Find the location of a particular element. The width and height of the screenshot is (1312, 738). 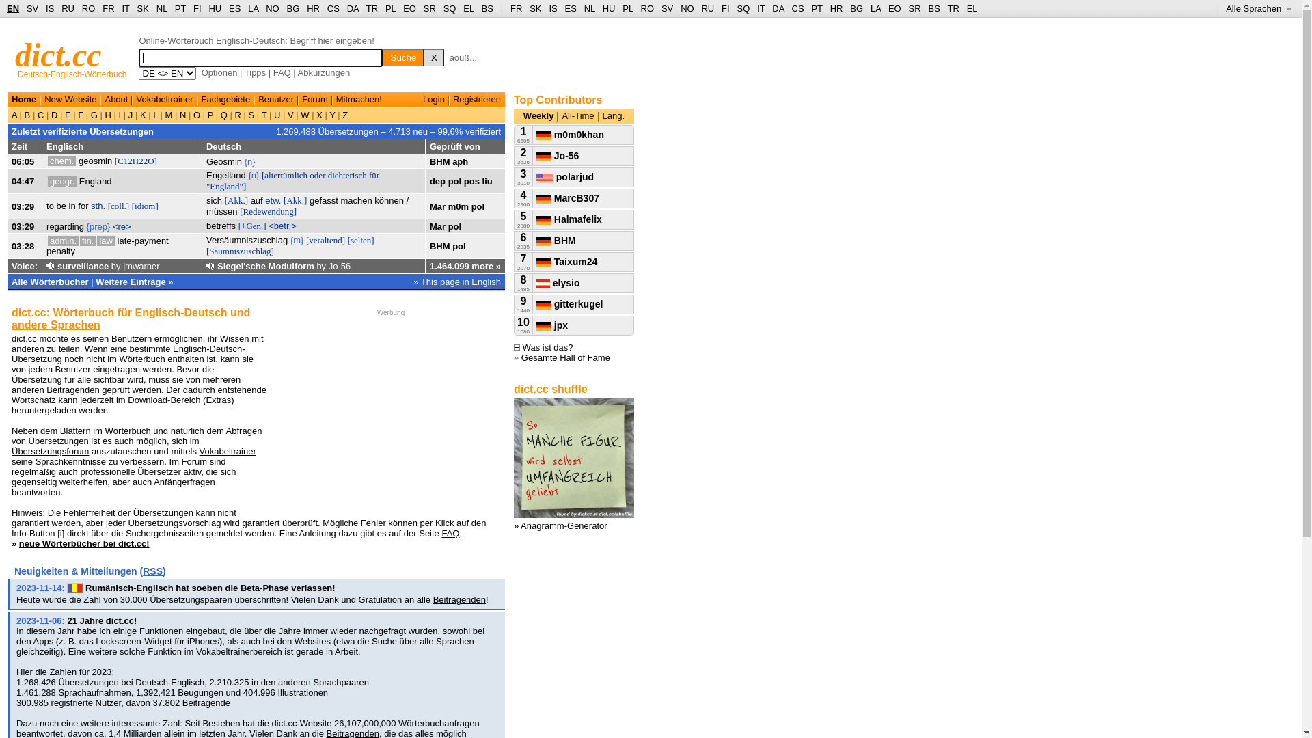

'betreffs [+Gen.] <betr.>' is located at coordinates (251, 225).